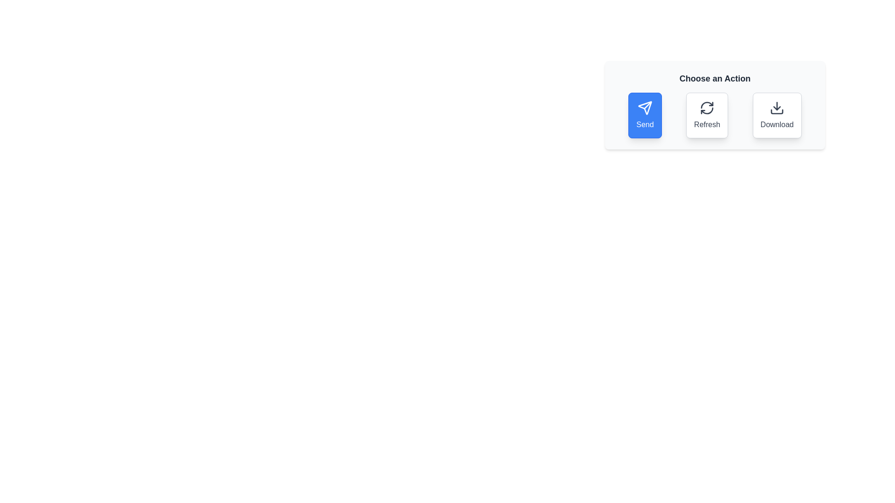 Image resolution: width=895 pixels, height=503 pixels. What do you see at coordinates (707, 107) in the screenshot?
I see `the icon of the Refresh action chip` at bounding box center [707, 107].